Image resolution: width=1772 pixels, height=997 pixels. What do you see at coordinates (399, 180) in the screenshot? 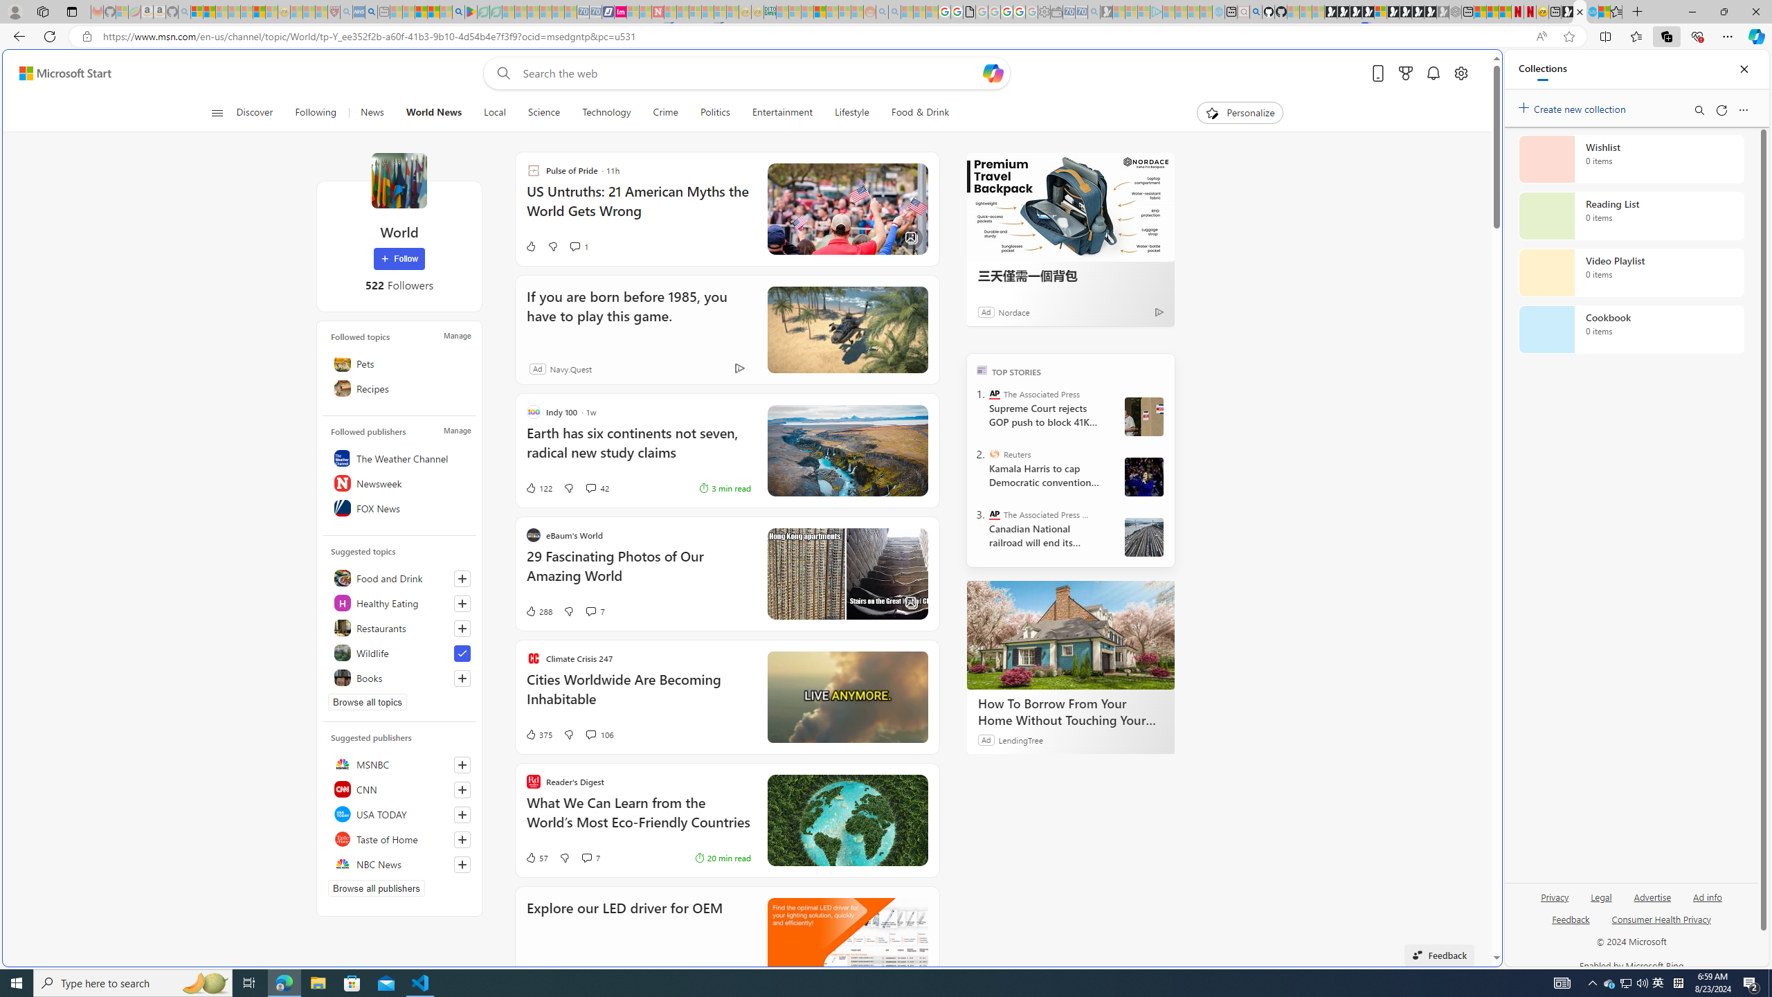
I see `'World'` at bounding box center [399, 180].